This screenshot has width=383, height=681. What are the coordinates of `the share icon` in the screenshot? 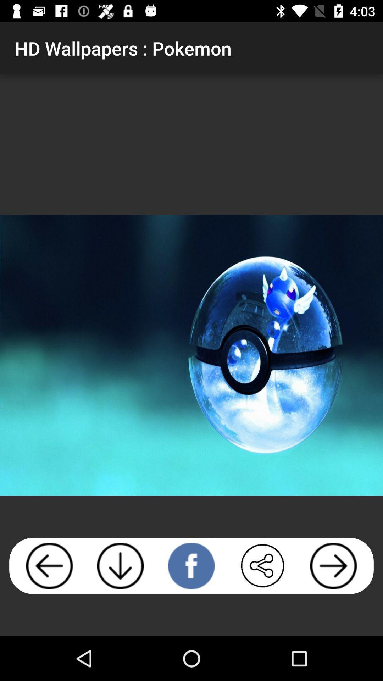 It's located at (262, 565).